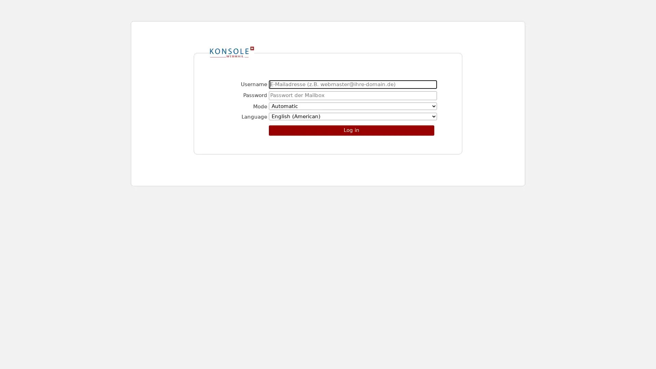 The height and width of the screenshot is (369, 656). What do you see at coordinates (351, 130) in the screenshot?
I see `Log in` at bounding box center [351, 130].